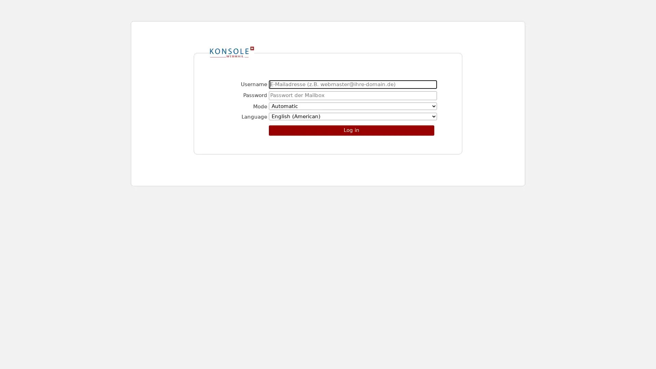 The height and width of the screenshot is (369, 656). What do you see at coordinates (351, 130) in the screenshot?
I see `Log in` at bounding box center [351, 130].